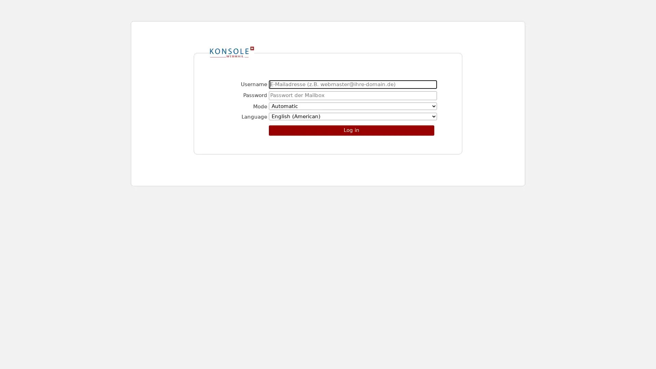 The height and width of the screenshot is (369, 656). What do you see at coordinates (351, 130) in the screenshot?
I see `Log in` at bounding box center [351, 130].